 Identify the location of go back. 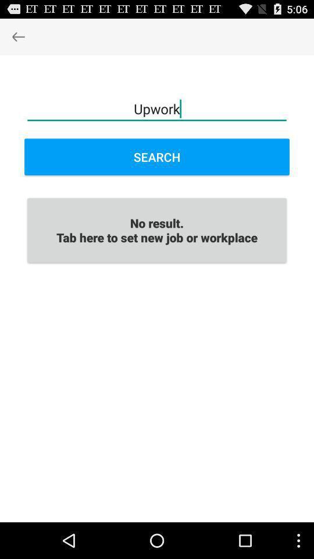
(17, 36).